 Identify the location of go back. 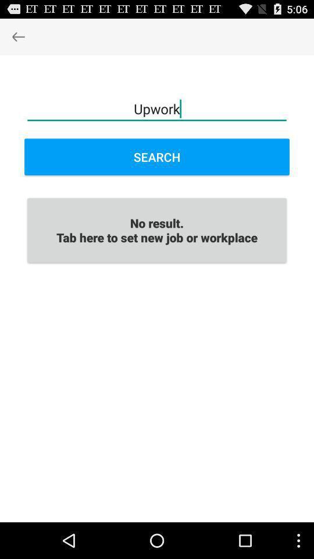
(17, 36).